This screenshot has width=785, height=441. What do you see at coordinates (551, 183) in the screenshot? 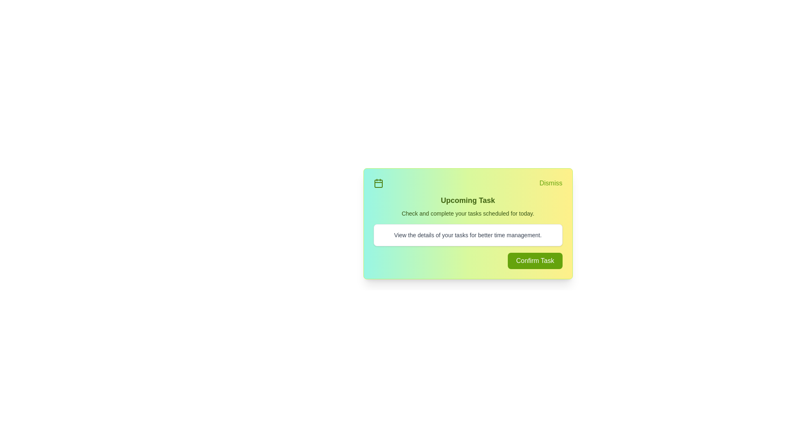
I see `the 'Dismiss' button to hide the task reminder` at bounding box center [551, 183].